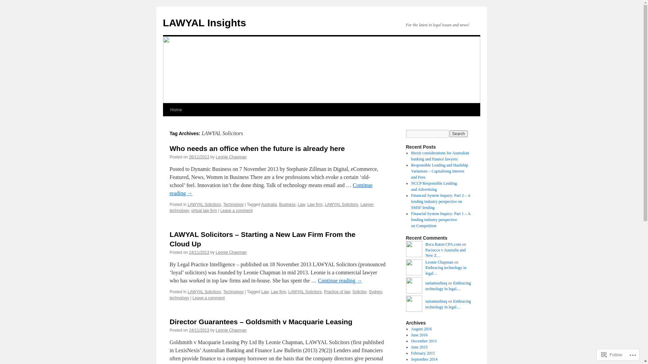 The image size is (648, 364). Describe the element at coordinates (413, 286) in the screenshot. I see `'taniamushtaq'` at that location.